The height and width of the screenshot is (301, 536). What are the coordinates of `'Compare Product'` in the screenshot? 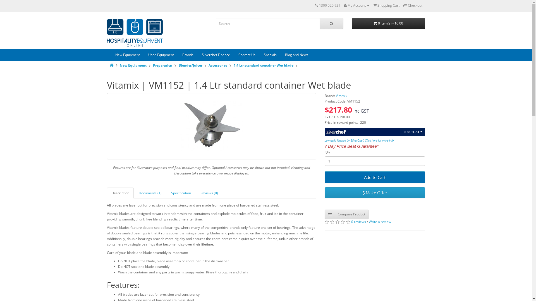 It's located at (346, 214).